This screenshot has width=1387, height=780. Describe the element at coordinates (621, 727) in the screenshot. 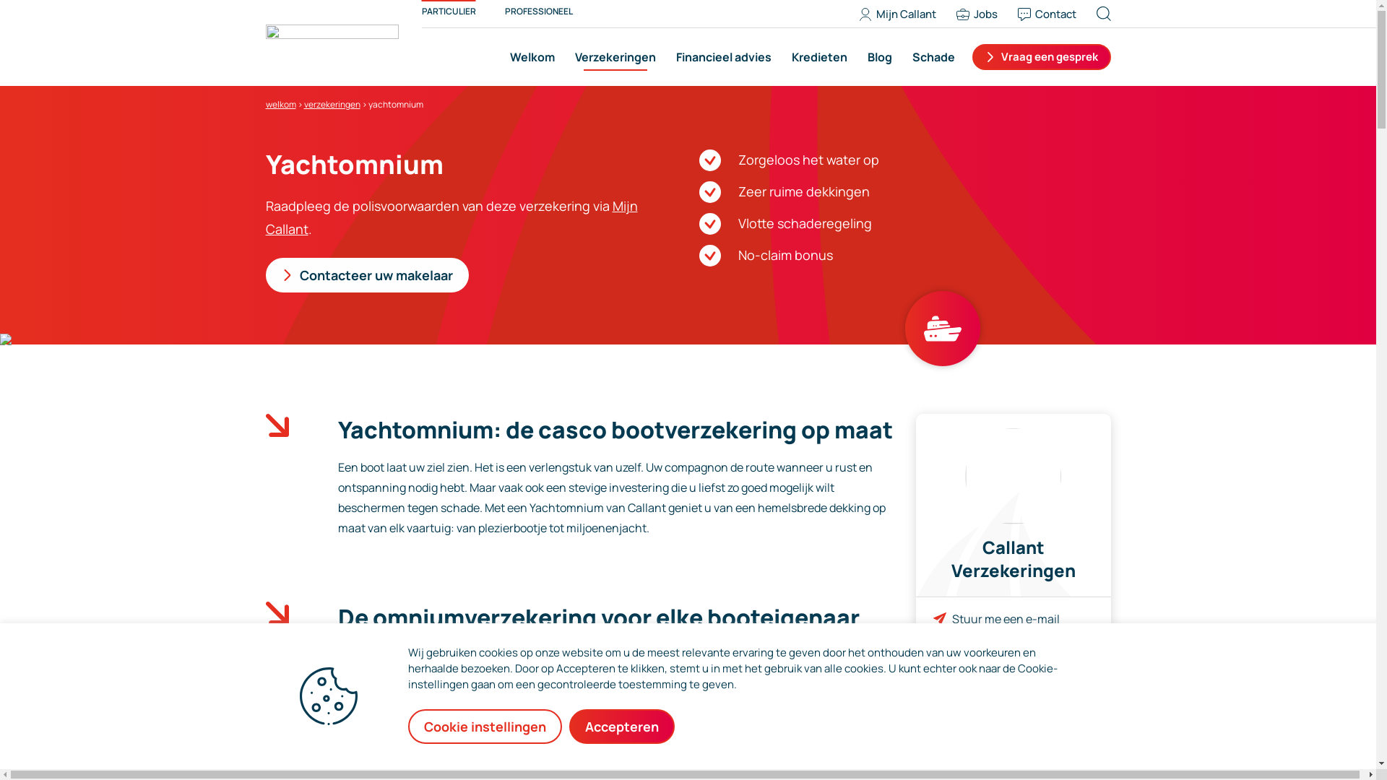

I see `'Accepteren'` at that location.